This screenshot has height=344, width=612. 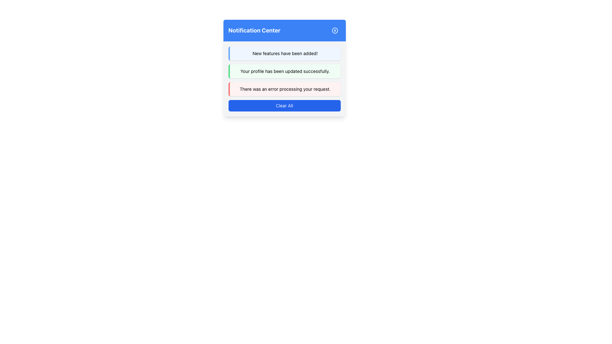 What do you see at coordinates (254, 31) in the screenshot?
I see `bold text label displaying 'Notification Center' located at the top left of the blue panel` at bounding box center [254, 31].